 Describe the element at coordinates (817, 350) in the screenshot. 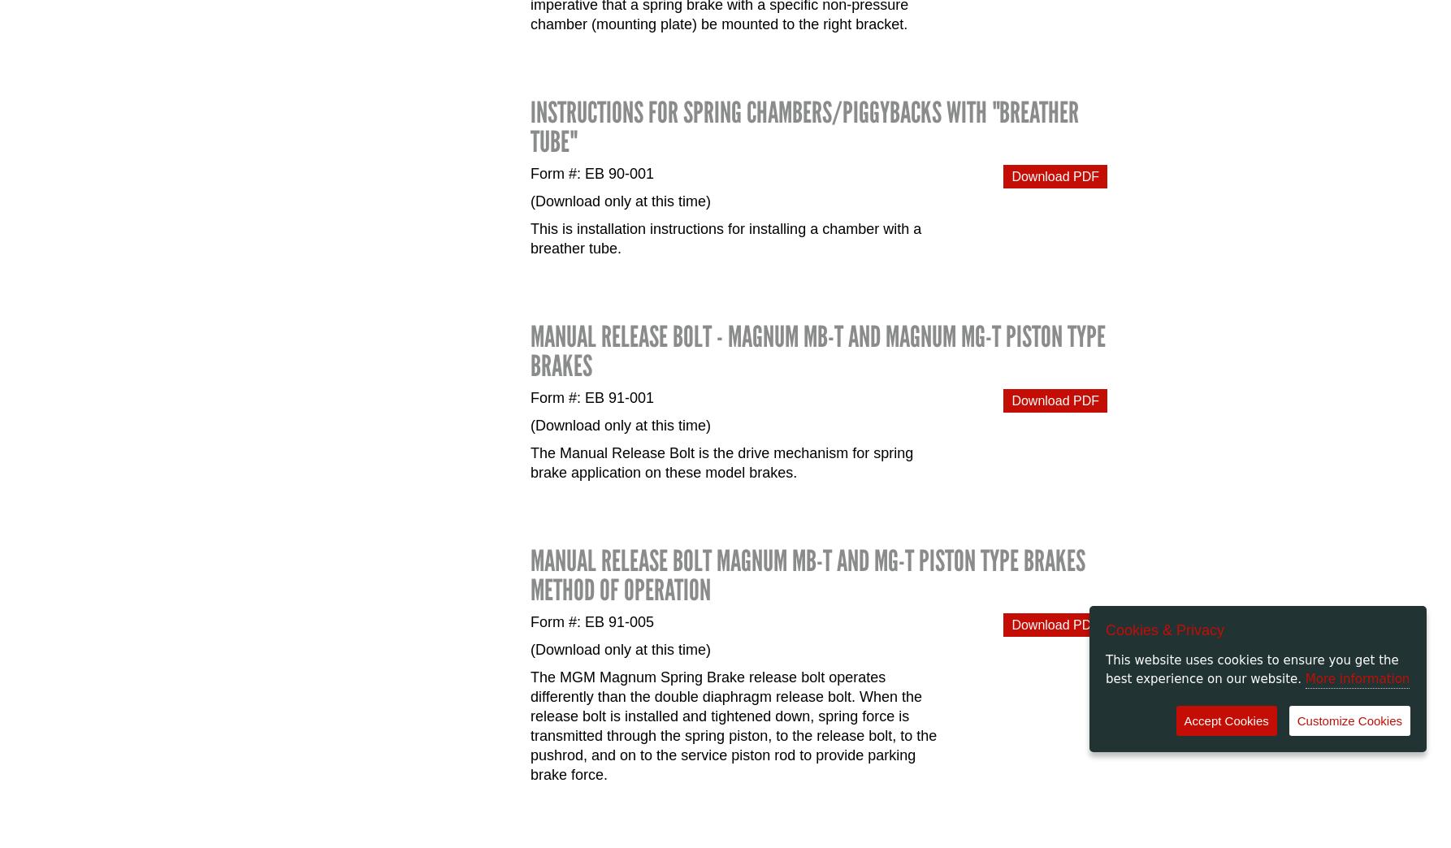

I see `'Manual Release Bolt - MAGNUM MB-T and MAGNUM MG-T Piston Type Brakes'` at that location.